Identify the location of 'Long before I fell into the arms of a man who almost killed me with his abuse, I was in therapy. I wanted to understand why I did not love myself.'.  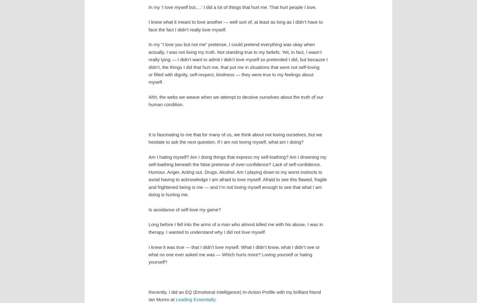
(235, 228).